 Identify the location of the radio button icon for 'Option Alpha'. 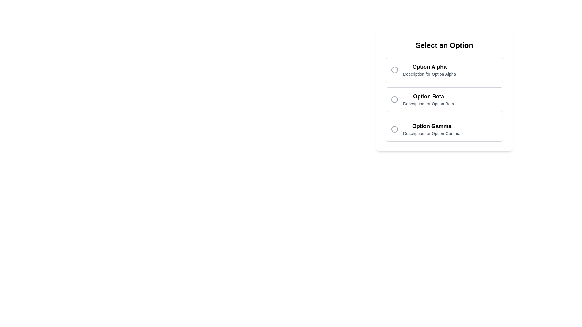
(394, 70).